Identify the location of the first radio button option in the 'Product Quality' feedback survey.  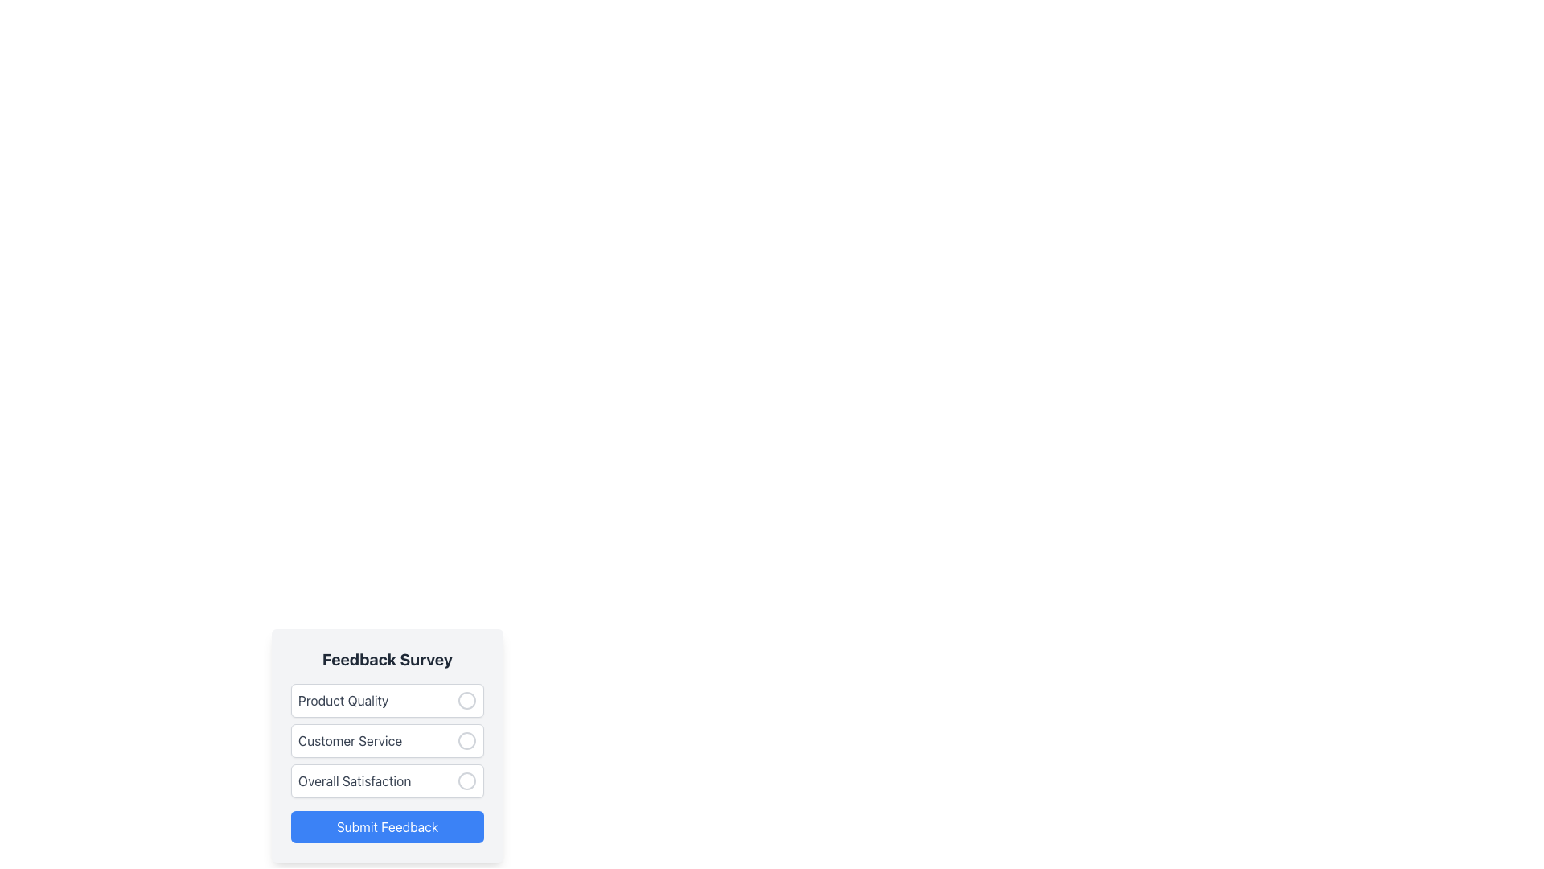
(387, 700).